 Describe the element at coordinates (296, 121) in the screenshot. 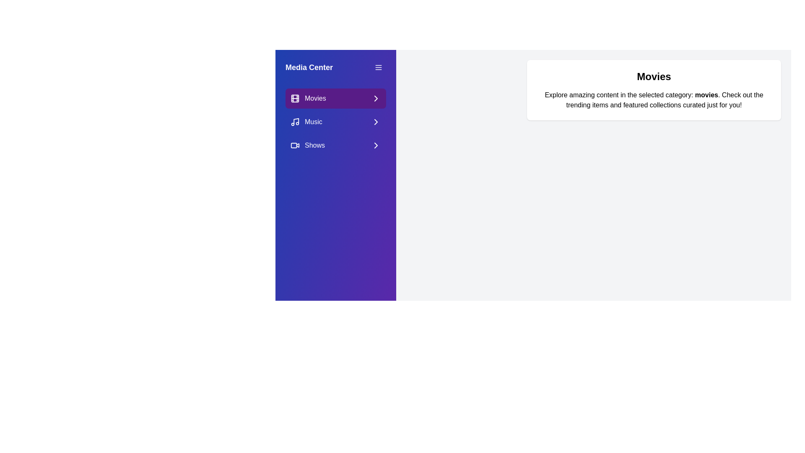

I see `the slanted musical note icon located in the sidebar menu, which is part of the 'Music' menu item positioned between the 'Movies' and 'Shows' icons` at that location.